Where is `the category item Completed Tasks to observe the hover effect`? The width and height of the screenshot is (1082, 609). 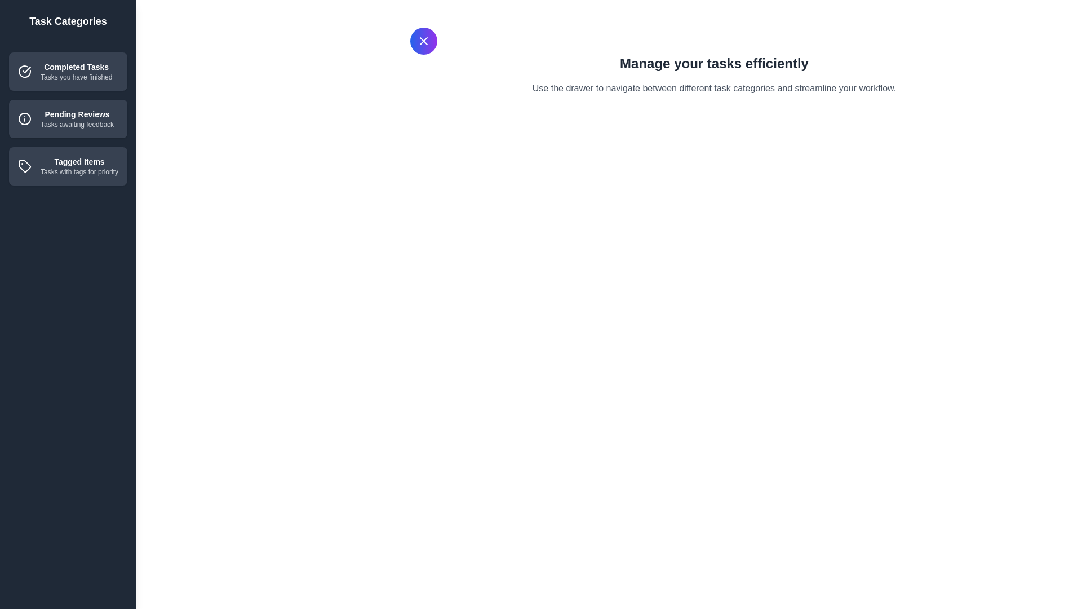
the category item Completed Tasks to observe the hover effect is located at coordinates (67, 72).